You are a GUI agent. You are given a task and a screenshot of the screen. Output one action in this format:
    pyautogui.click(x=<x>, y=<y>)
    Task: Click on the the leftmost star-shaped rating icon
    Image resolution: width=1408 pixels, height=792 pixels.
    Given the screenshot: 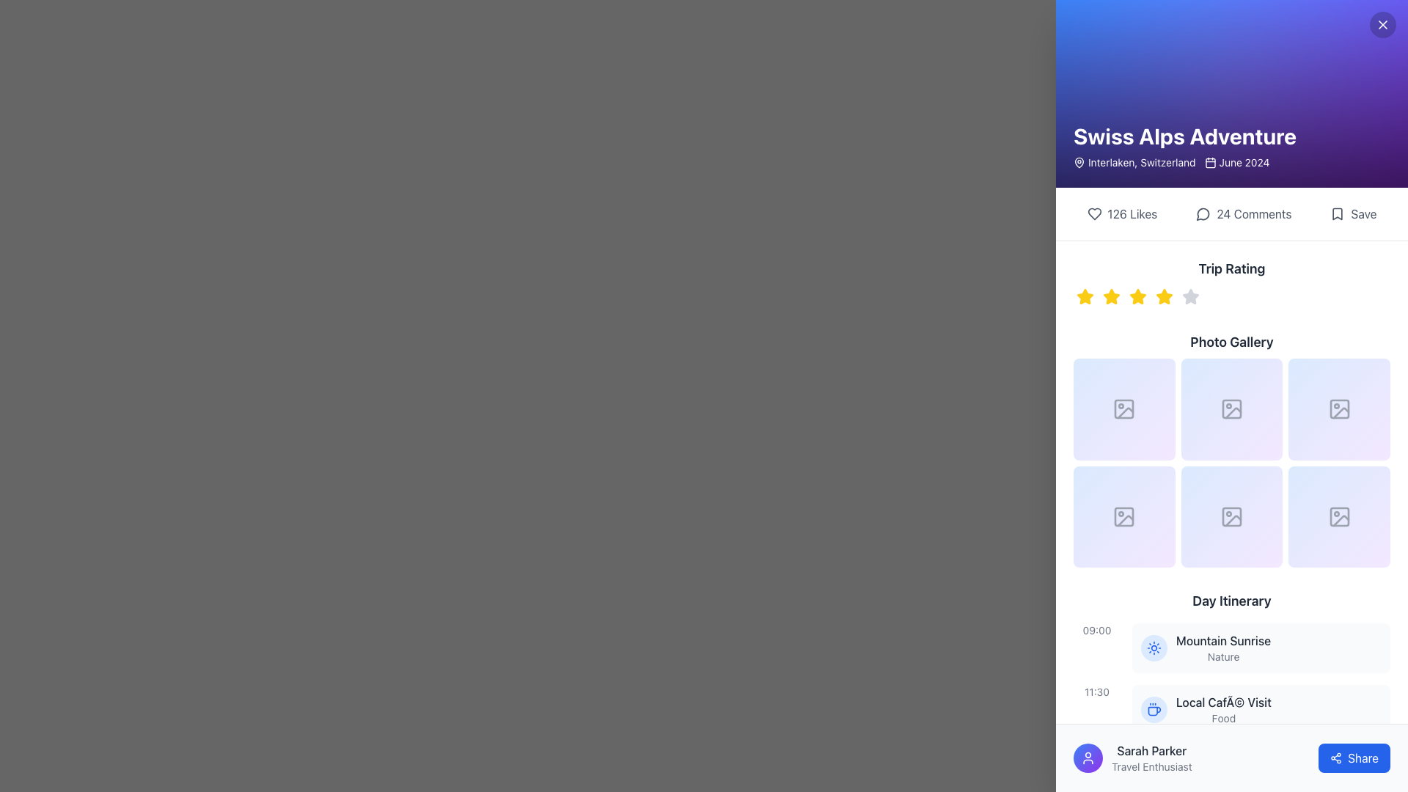 What is the action you would take?
    pyautogui.click(x=1084, y=296)
    